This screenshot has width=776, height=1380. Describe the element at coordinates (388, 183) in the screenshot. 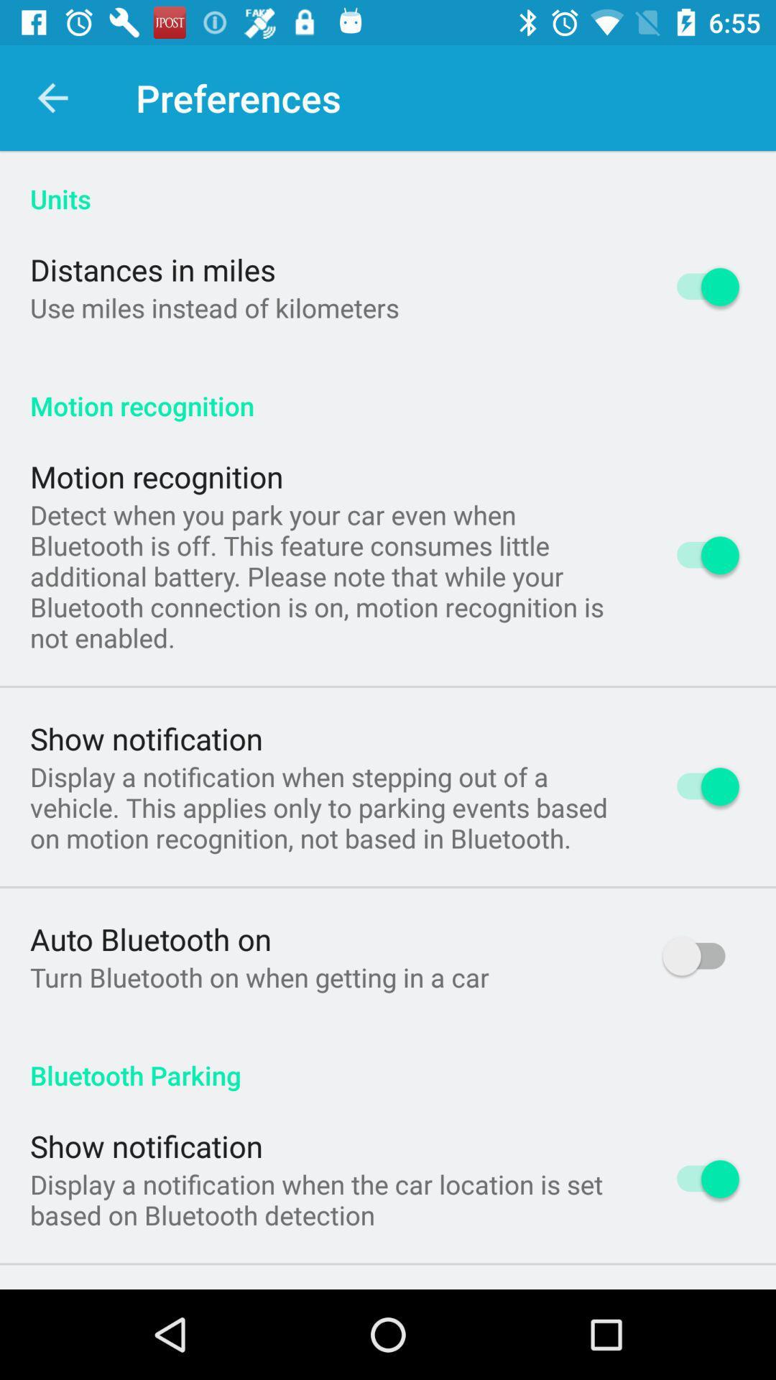

I see `the units` at that location.